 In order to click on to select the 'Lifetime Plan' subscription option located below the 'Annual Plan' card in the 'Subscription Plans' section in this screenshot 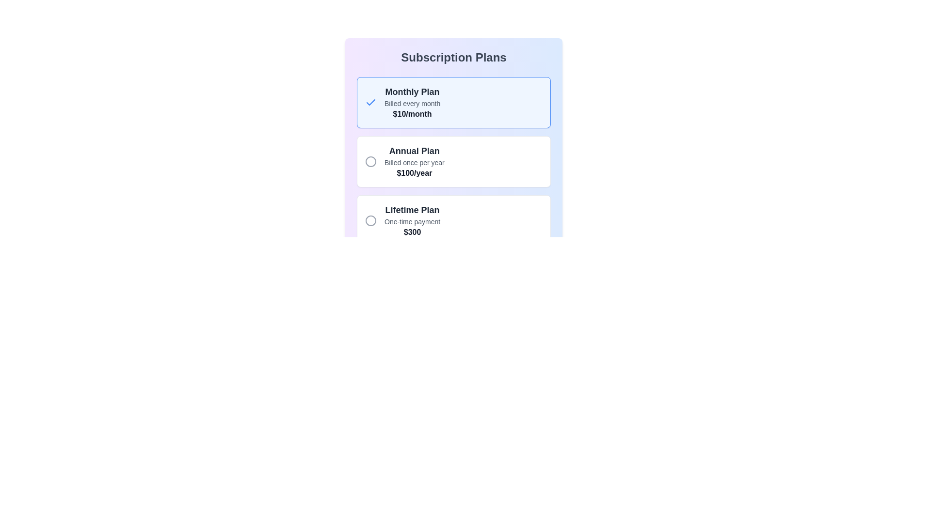, I will do `click(453, 220)`.